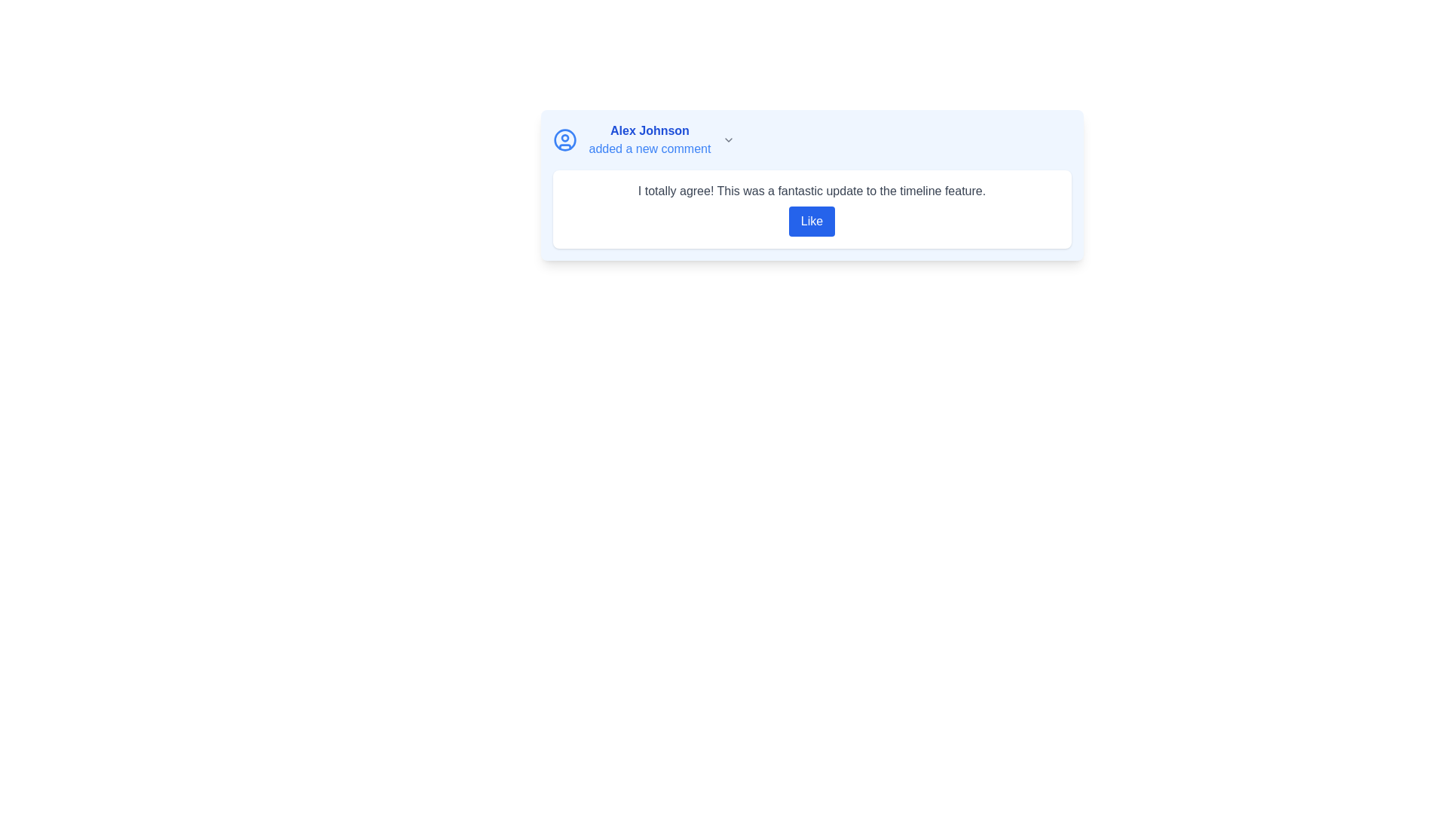 The width and height of the screenshot is (1447, 814). I want to click on the blue circle icon representing a user silhouette, which is located to the left of the text label 'Alex Johnson added a new comment' in the top-left section of the comment block, so click(564, 139).